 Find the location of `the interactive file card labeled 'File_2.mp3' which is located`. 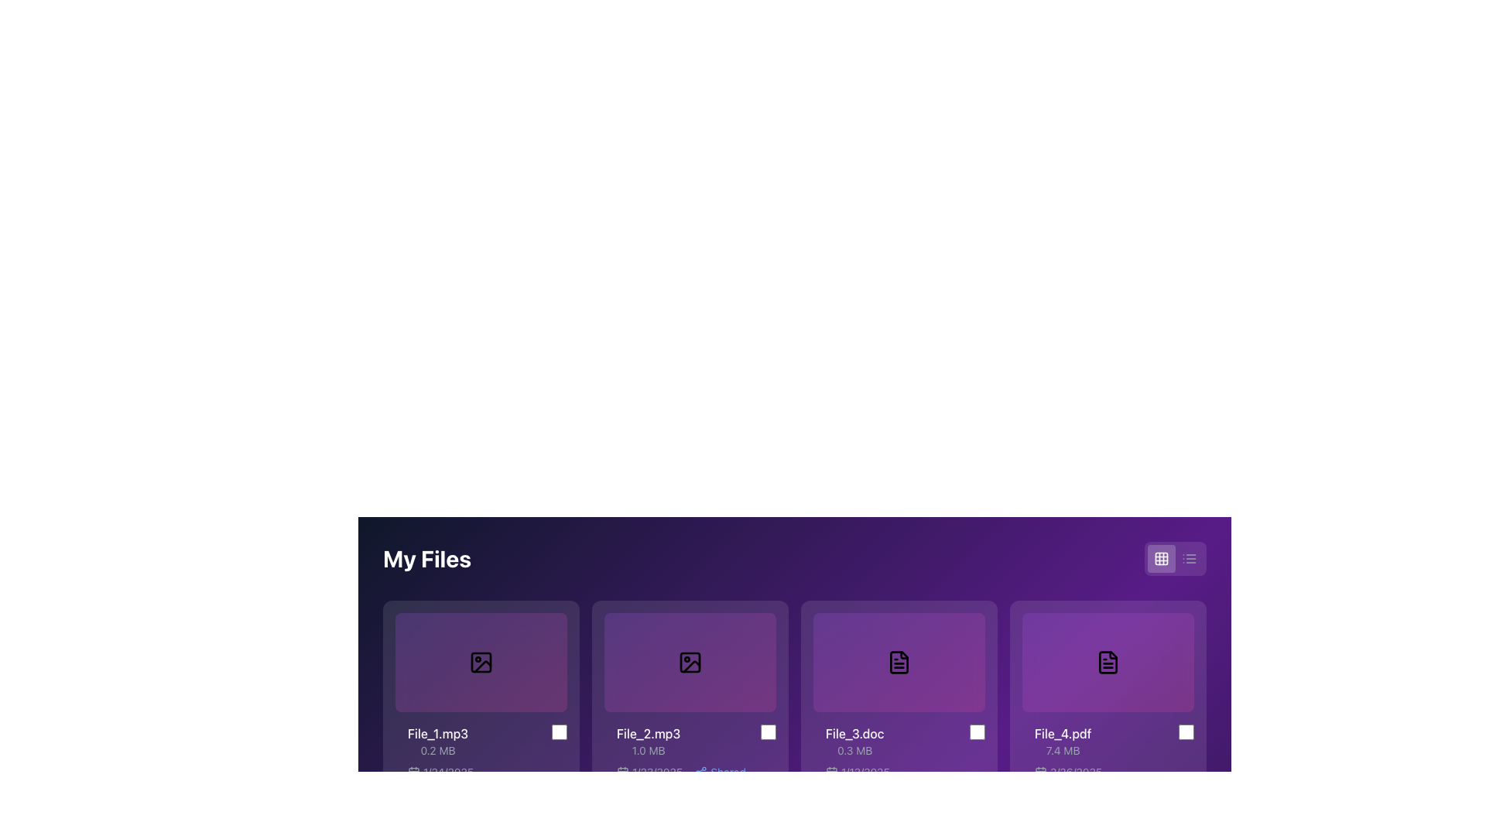

the interactive file card labeled 'File_2.mp3' which is located is located at coordinates (690, 695).